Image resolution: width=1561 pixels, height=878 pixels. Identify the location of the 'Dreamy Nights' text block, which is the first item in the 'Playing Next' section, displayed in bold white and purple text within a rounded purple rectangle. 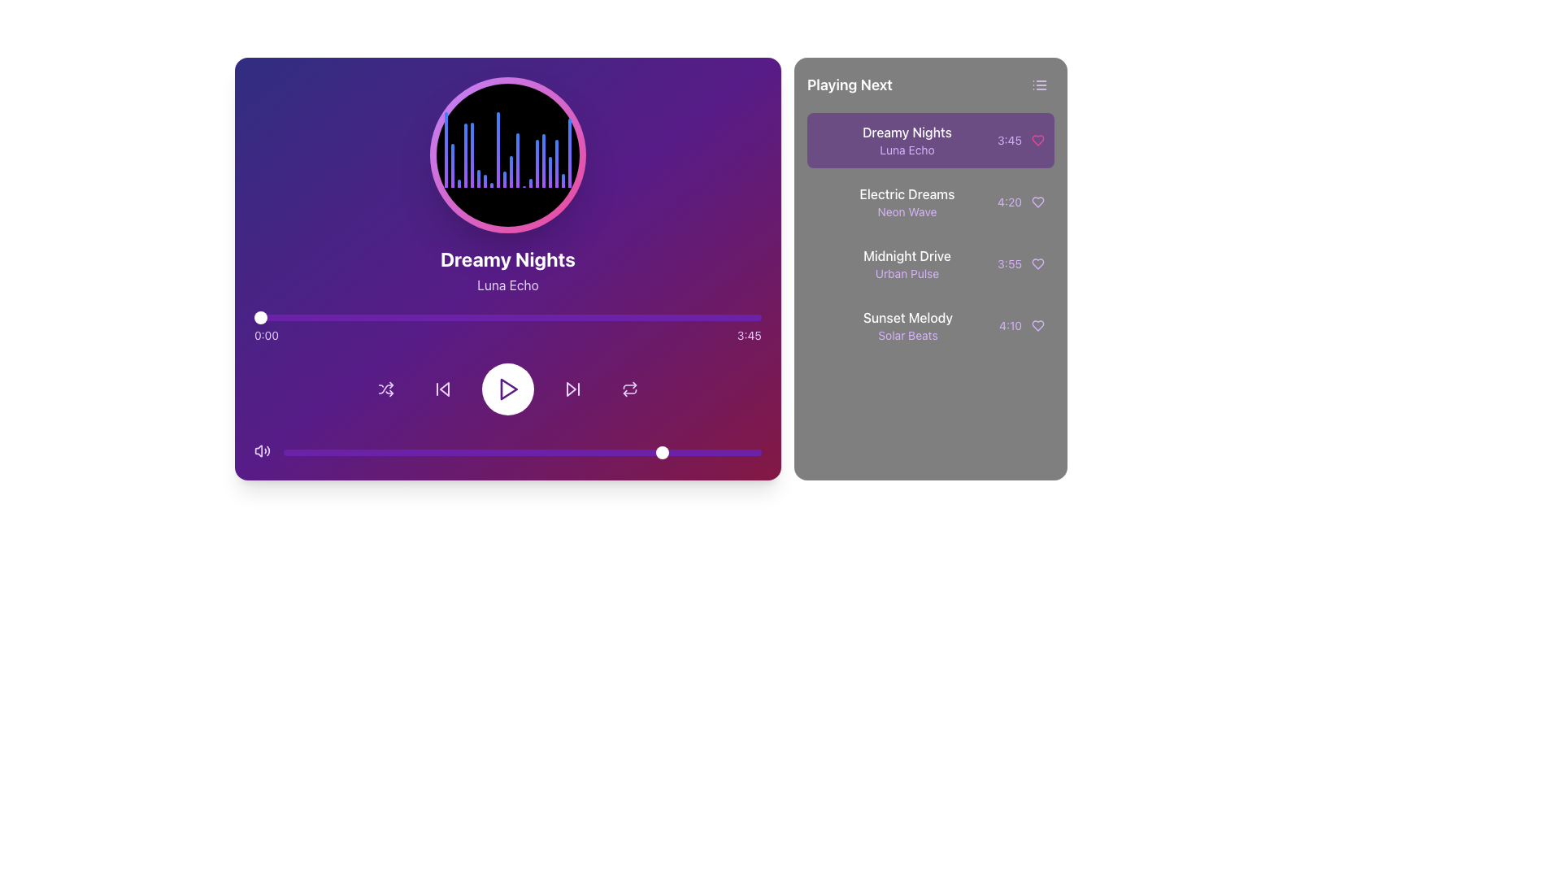
(906, 140).